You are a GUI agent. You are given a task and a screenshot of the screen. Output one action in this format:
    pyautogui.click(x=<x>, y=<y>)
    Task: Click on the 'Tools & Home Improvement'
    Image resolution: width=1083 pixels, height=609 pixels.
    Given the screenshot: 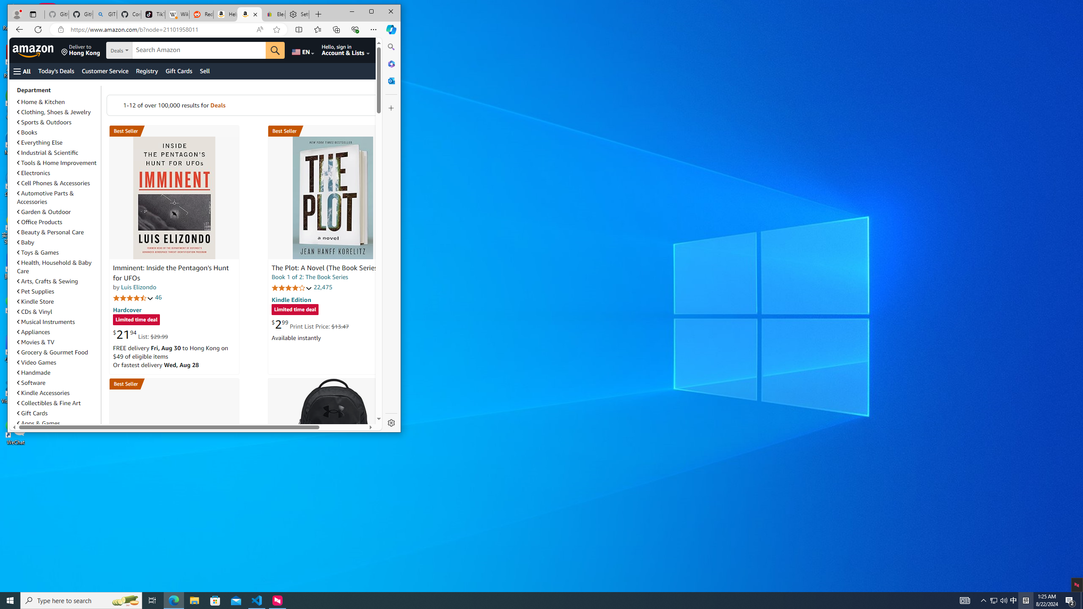 What is the action you would take?
    pyautogui.click(x=57, y=162)
    